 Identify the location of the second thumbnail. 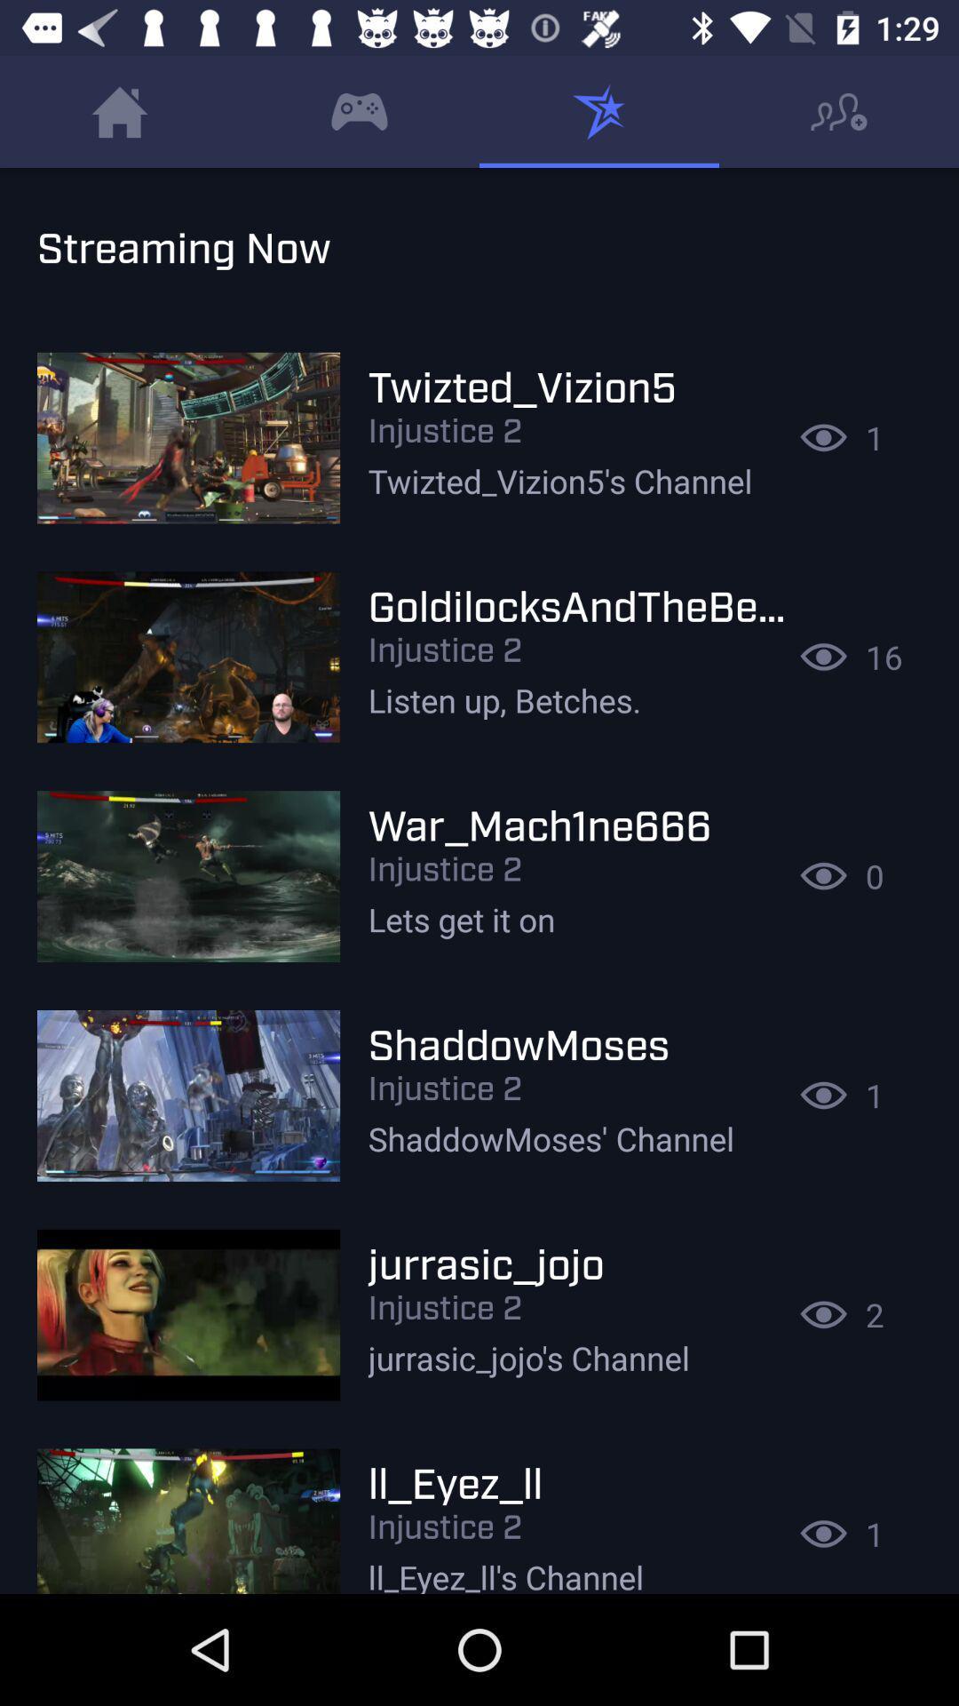
(188, 656).